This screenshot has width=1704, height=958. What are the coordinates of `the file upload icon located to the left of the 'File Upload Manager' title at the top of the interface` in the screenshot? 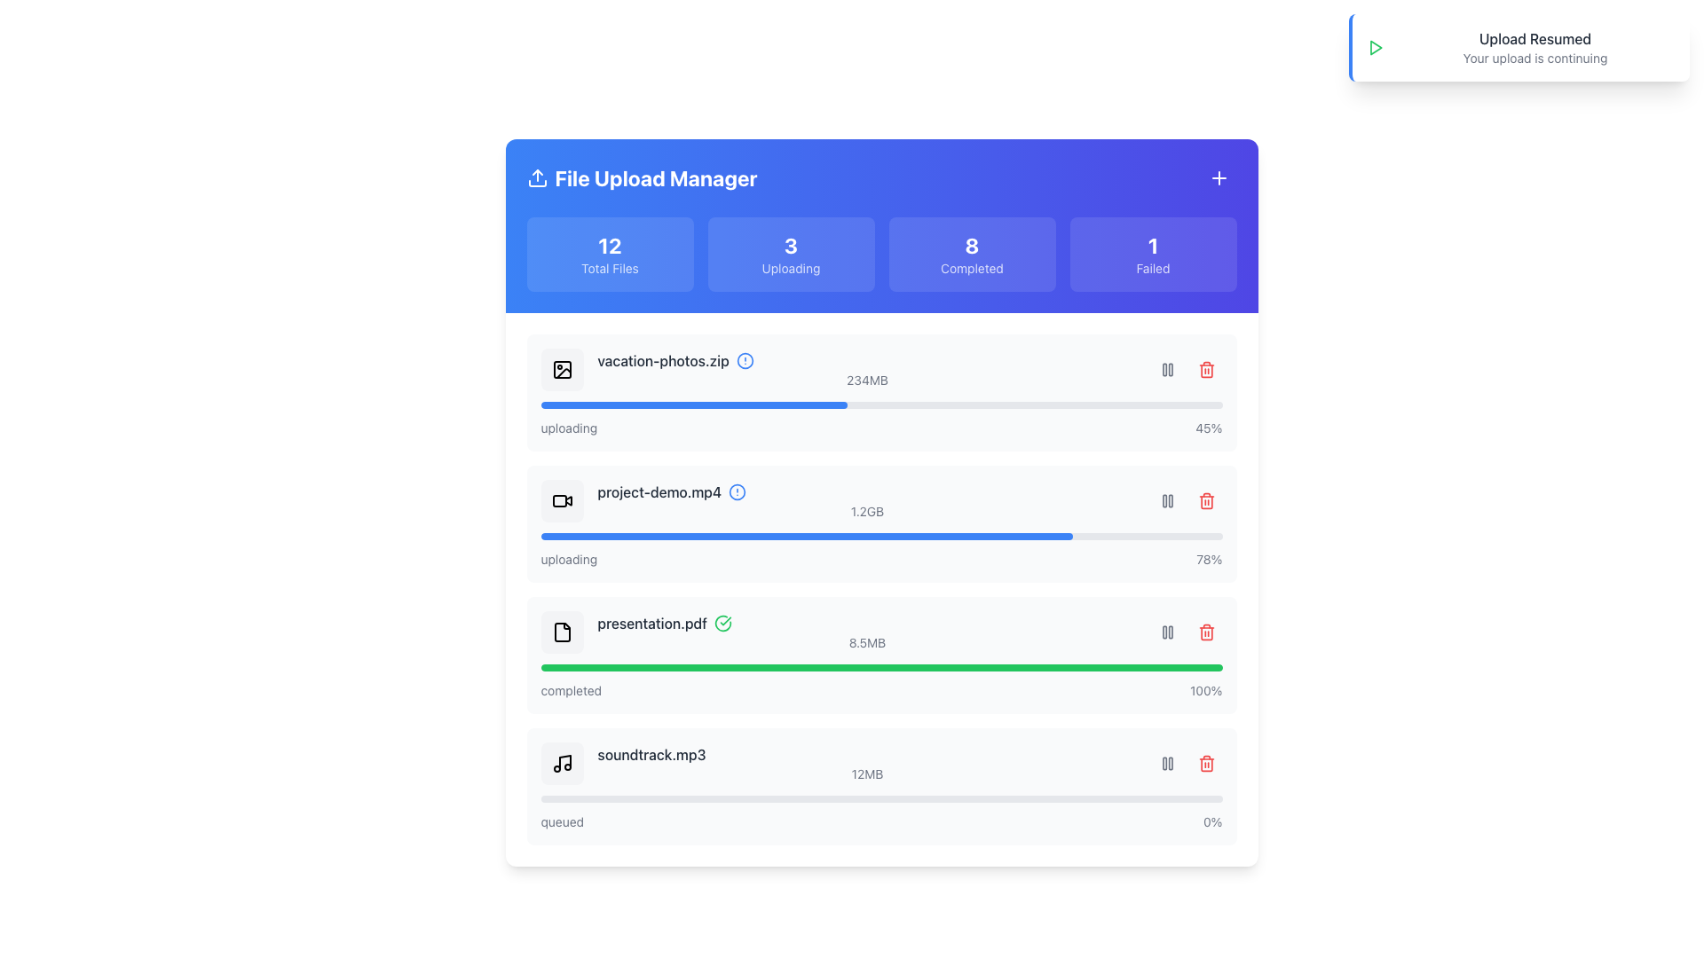 It's located at (536, 177).